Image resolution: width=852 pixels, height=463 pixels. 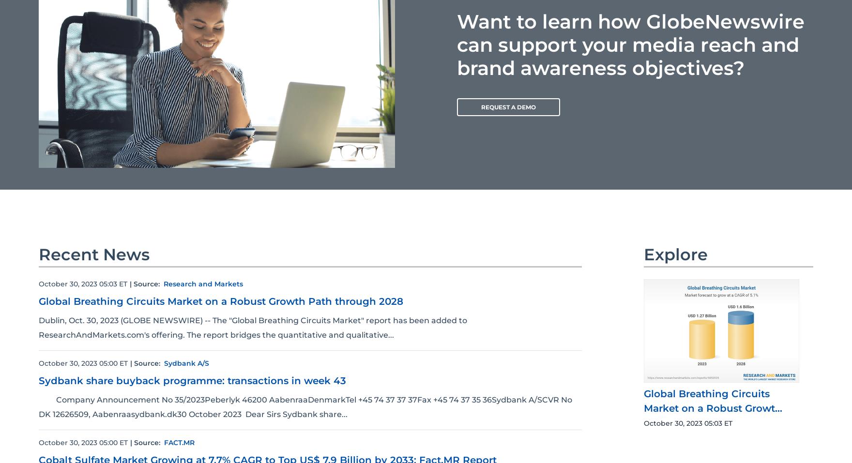 What do you see at coordinates (508, 106) in the screenshot?
I see `'REQUEST A DEMO'` at bounding box center [508, 106].